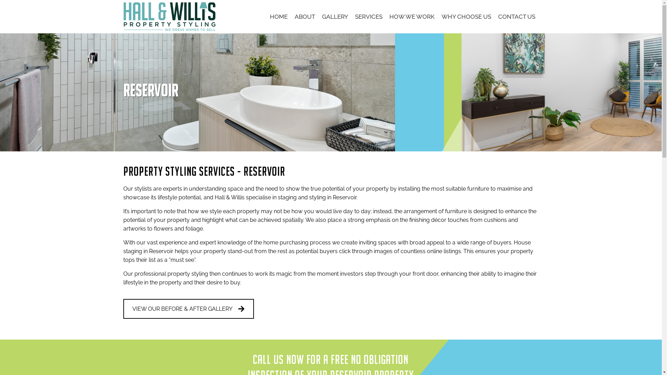 This screenshot has height=375, width=667. I want to click on 'SERVICES', so click(368, 16).